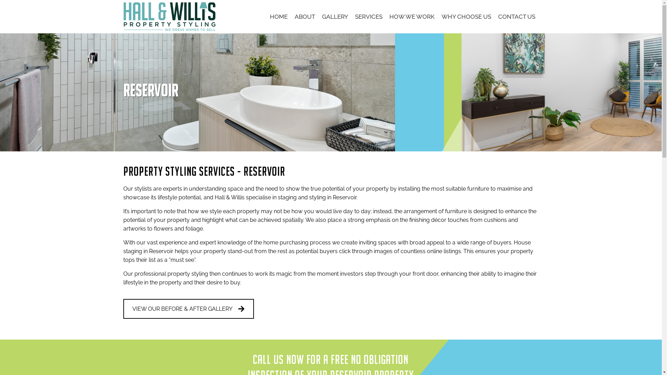 This screenshot has height=375, width=667. I want to click on 'SERVICES', so click(368, 16).